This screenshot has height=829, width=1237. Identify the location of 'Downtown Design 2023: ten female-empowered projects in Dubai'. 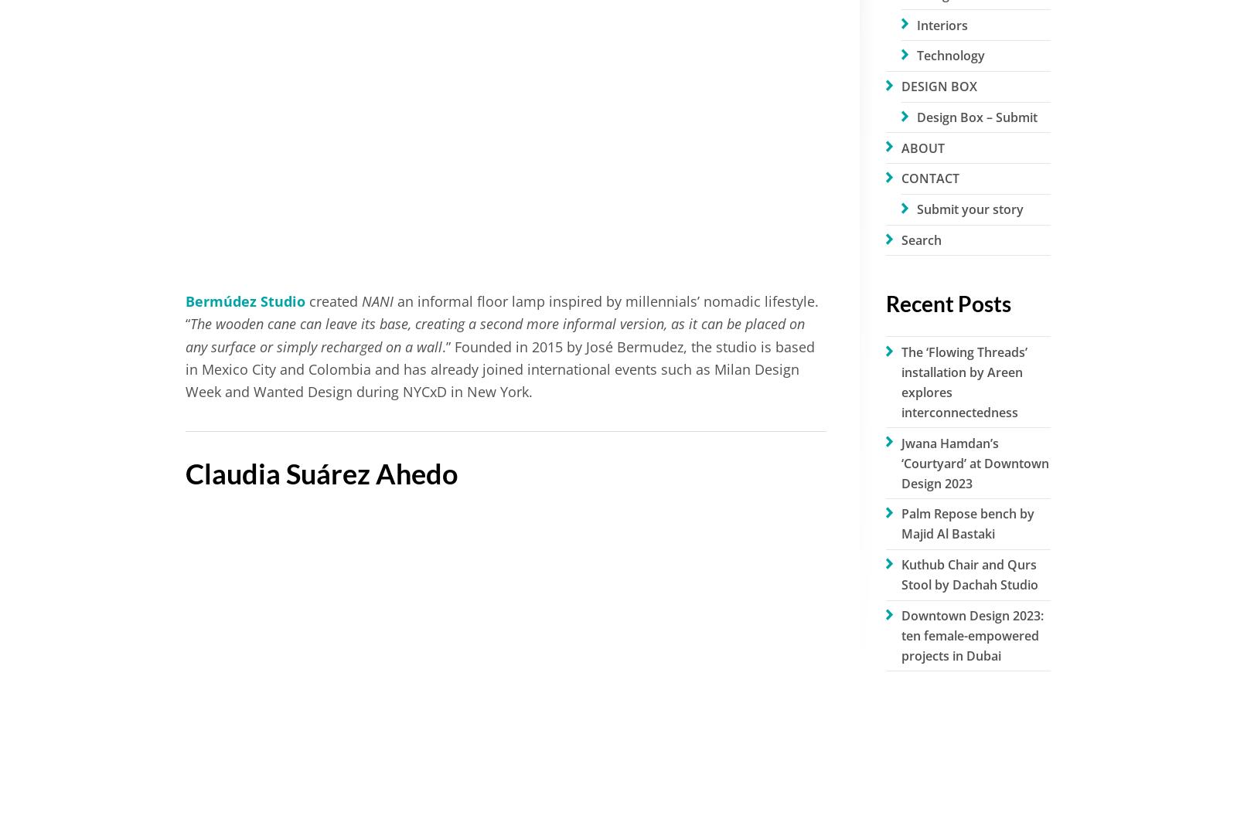
(970, 635).